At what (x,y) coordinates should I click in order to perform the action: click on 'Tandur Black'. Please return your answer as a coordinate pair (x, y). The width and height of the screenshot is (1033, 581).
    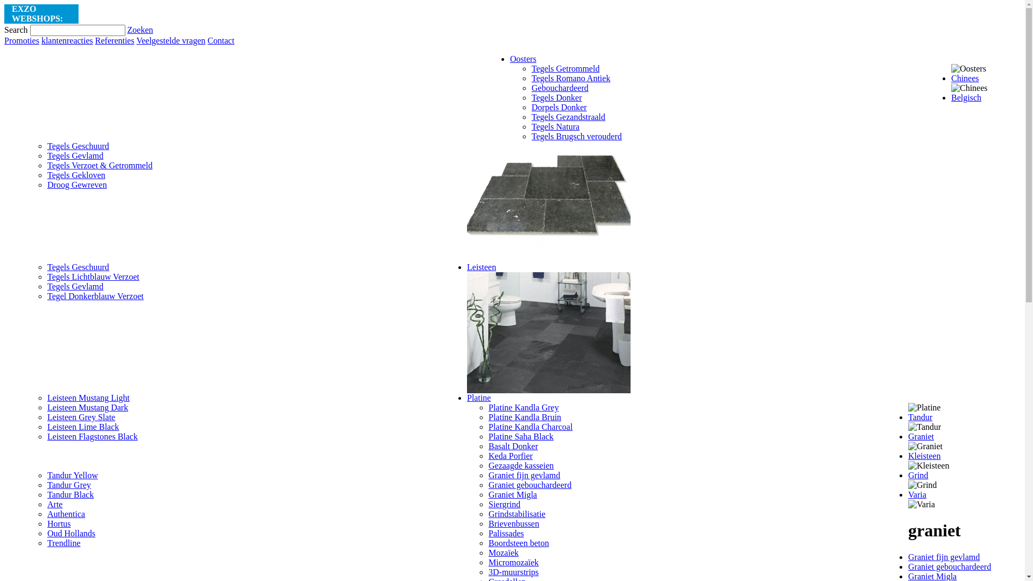
    Looking at the image, I should click on (46, 494).